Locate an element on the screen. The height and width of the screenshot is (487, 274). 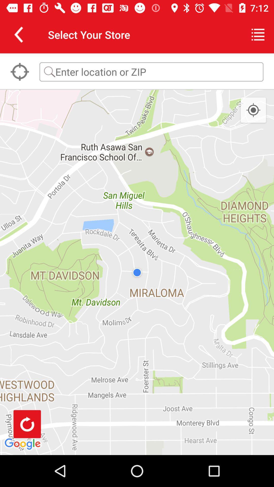
the location_crosshair icon is located at coordinates (253, 110).